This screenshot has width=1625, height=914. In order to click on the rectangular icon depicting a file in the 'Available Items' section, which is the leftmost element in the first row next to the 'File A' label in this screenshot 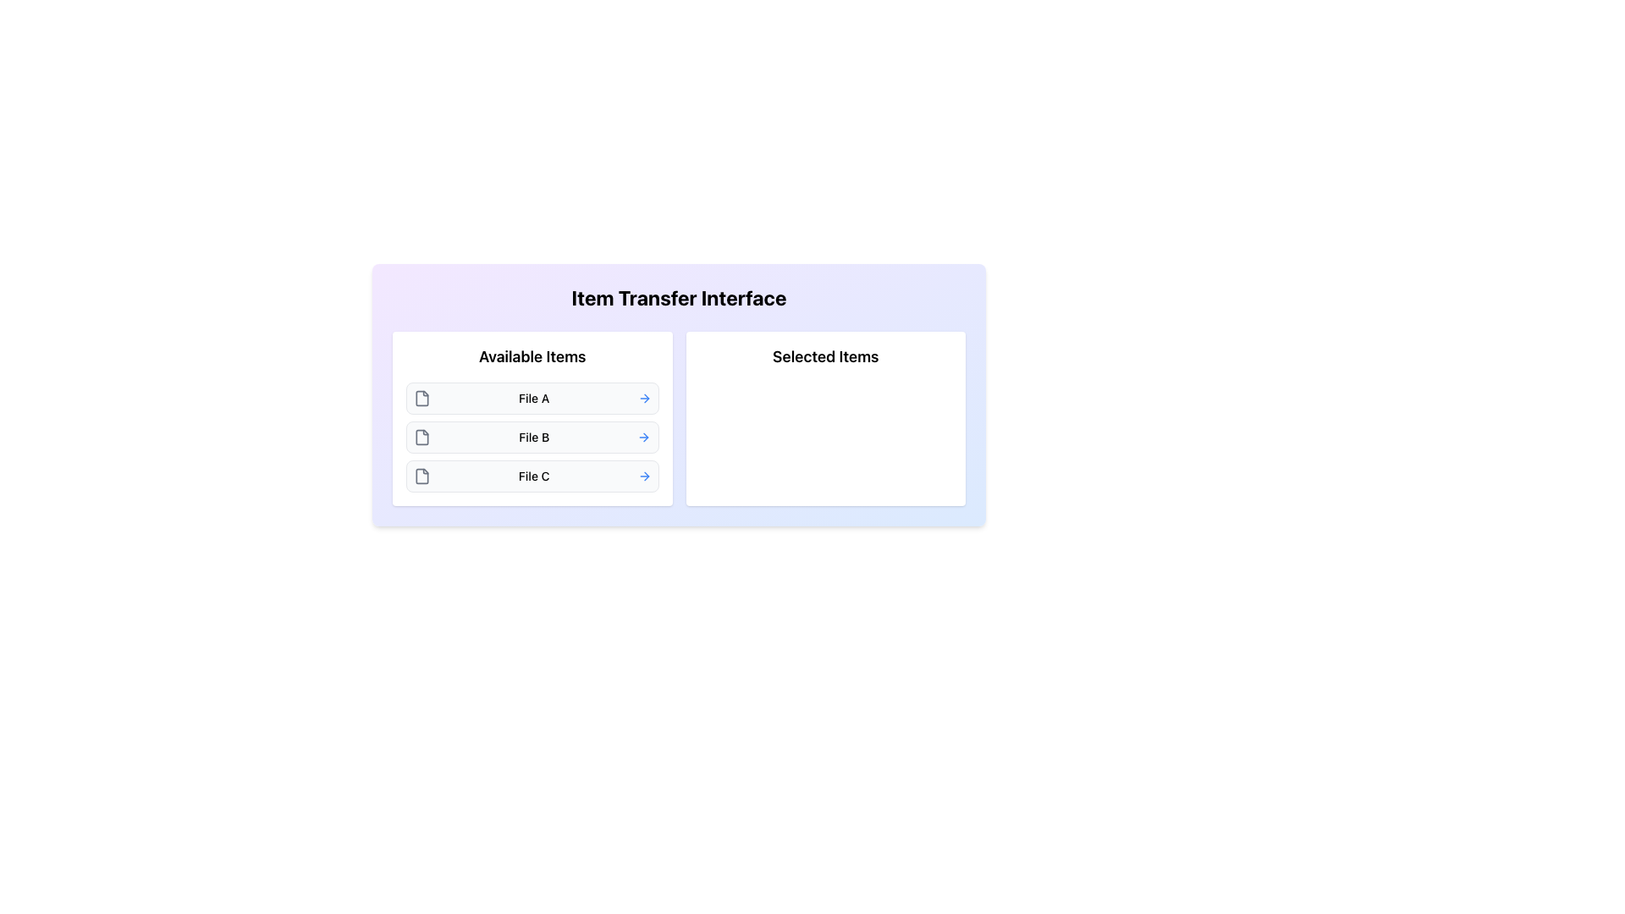, I will do `click(422, 398)`.